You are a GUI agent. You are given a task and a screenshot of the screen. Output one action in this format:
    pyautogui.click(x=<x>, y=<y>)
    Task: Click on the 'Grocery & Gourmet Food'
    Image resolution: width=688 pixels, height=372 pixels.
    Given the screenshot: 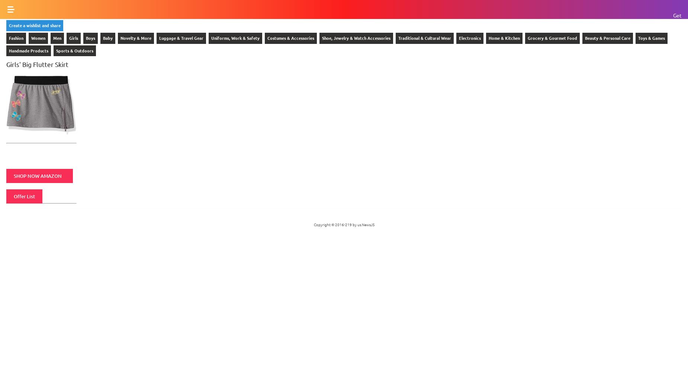 What is the action you would take?
    pyautogui.click(x=552, y=37)
    